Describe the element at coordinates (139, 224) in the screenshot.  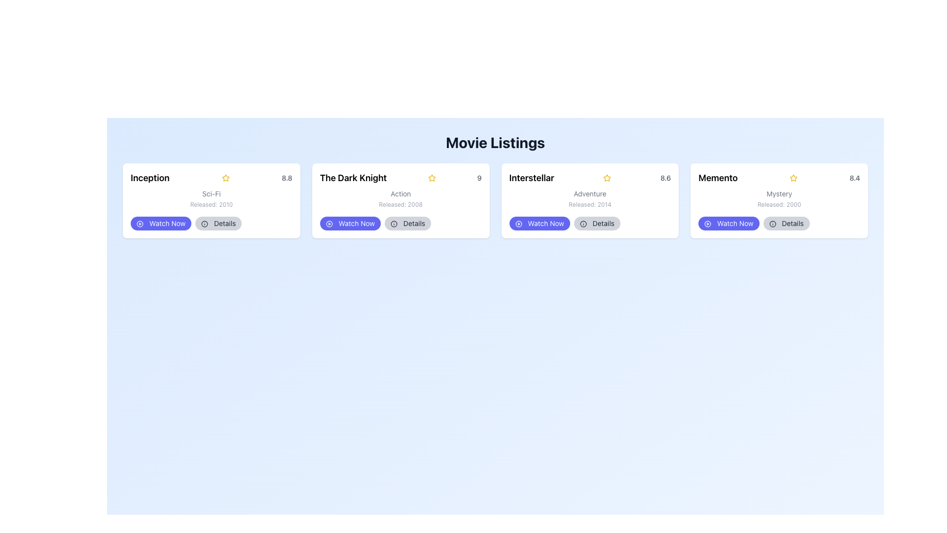
I see `the button labeled 'Watch Now' that contains a small circular icon with a right-pointing triangular play symbol, located to the left of the text` at that location.